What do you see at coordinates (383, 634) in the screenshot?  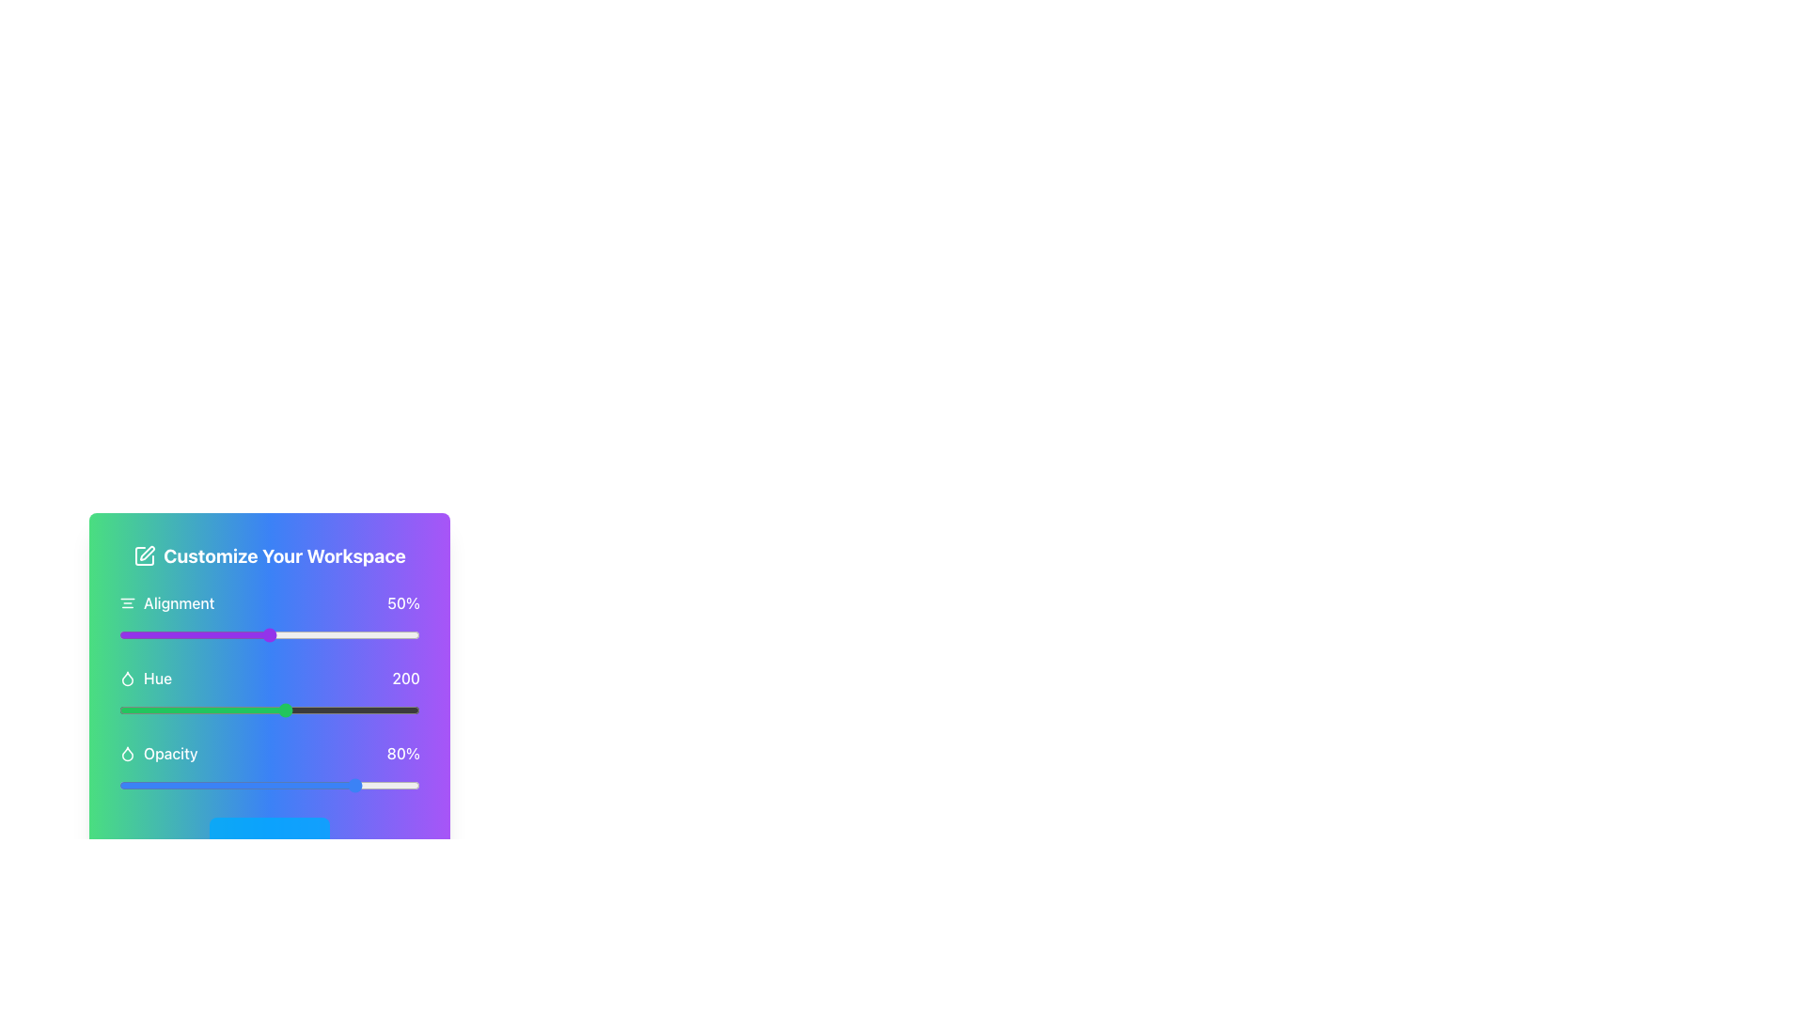 I see `the alignment percentage` at bounding box center [383, 634].